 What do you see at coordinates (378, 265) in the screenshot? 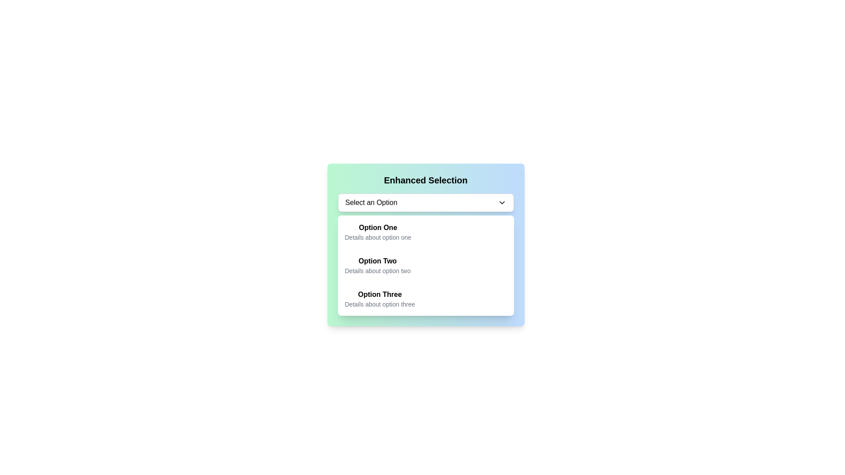
I see `the second item in the dropdown menu, which displays 'Option Two' in bold and 'Details about option two' in a smaller gray font` at bounding box center [378, 265].